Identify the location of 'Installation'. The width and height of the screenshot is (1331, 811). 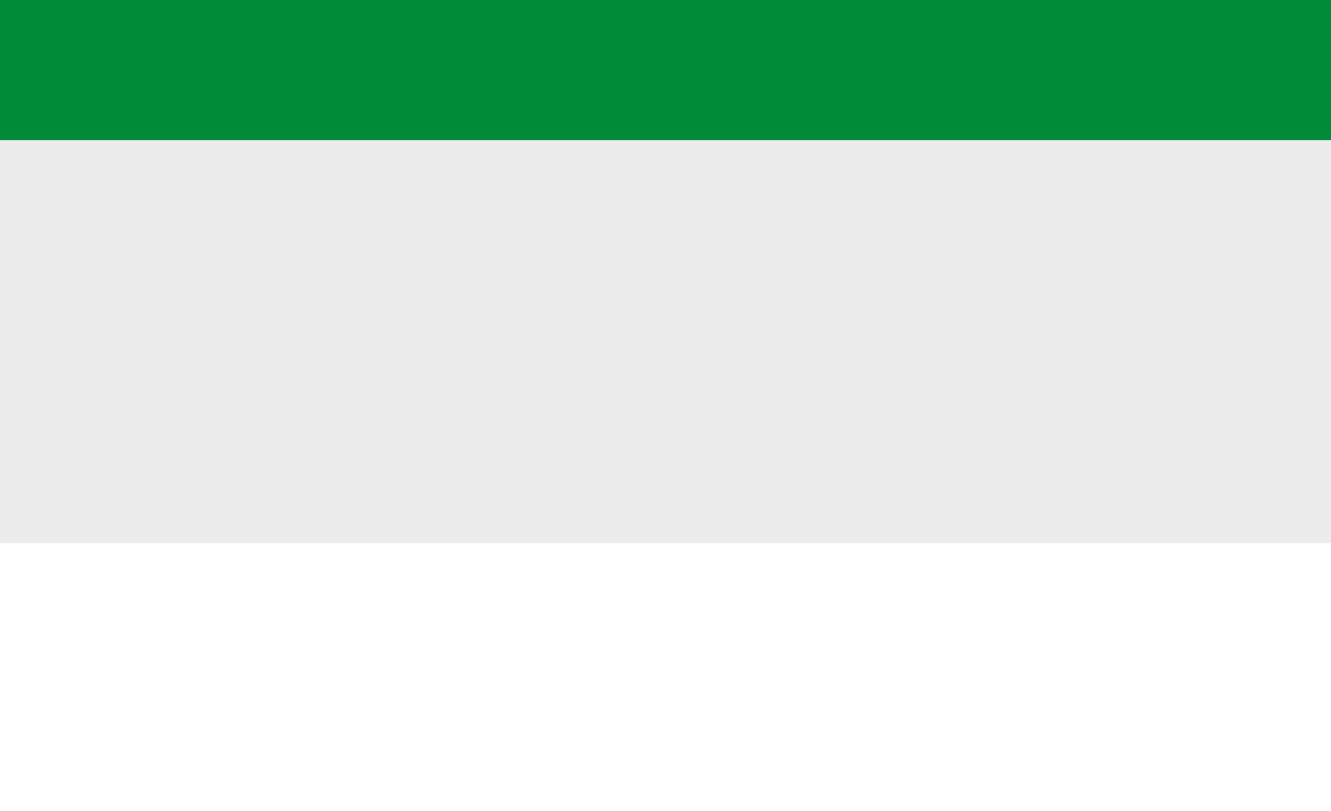
(665, 630).